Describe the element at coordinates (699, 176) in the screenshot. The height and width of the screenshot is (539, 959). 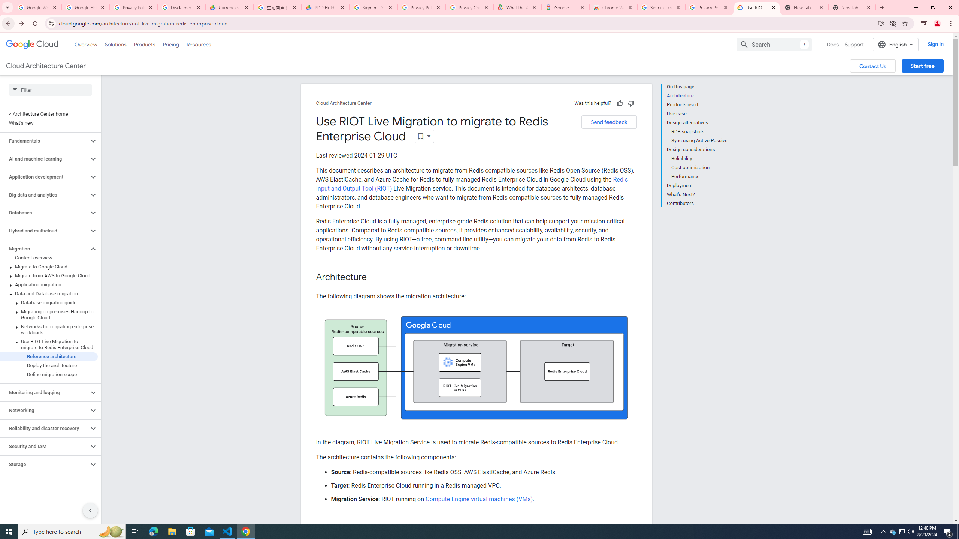
I see `'Performance'` at that location.